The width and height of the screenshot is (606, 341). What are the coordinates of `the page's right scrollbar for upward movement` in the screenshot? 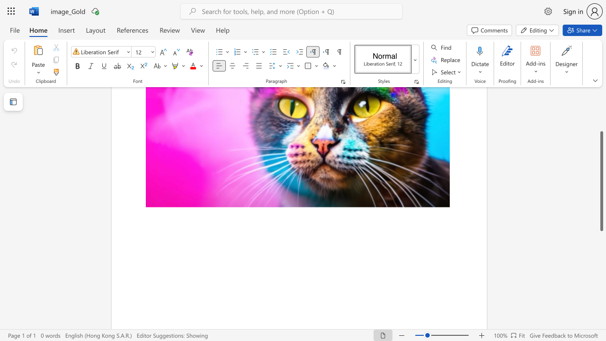 It's located at (601, 104).